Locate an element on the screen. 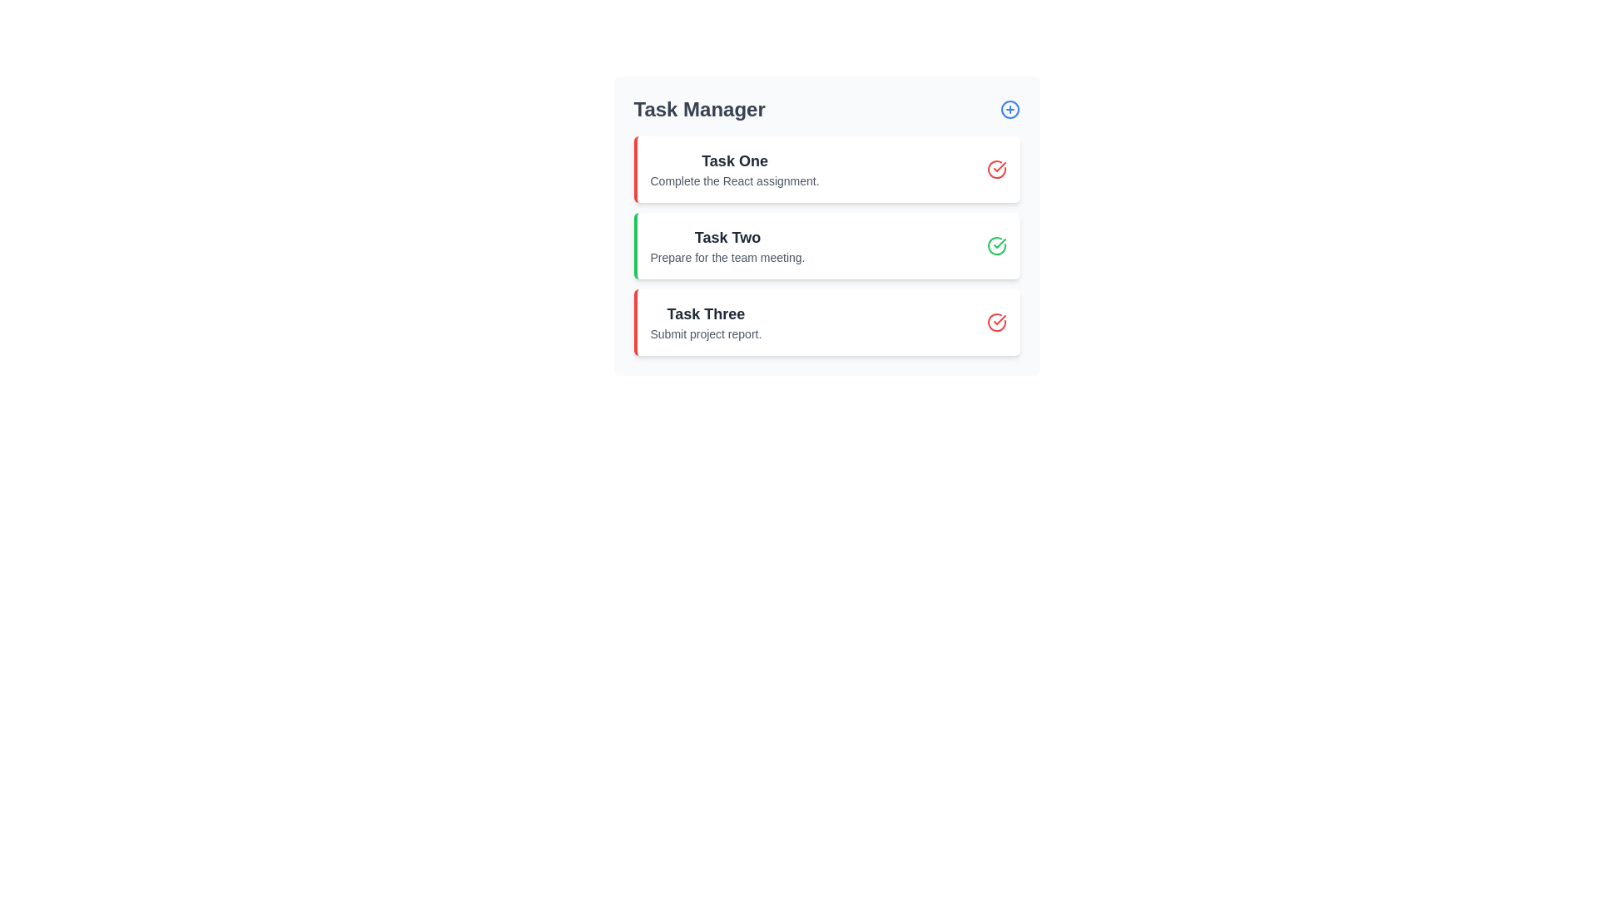 The image size is (1598, 898). the circular graphical component located at the top right of the 'Task Manager' header, which signifies an action such as adding a new item or accessing additional options is located at coordinates (1009, 109).